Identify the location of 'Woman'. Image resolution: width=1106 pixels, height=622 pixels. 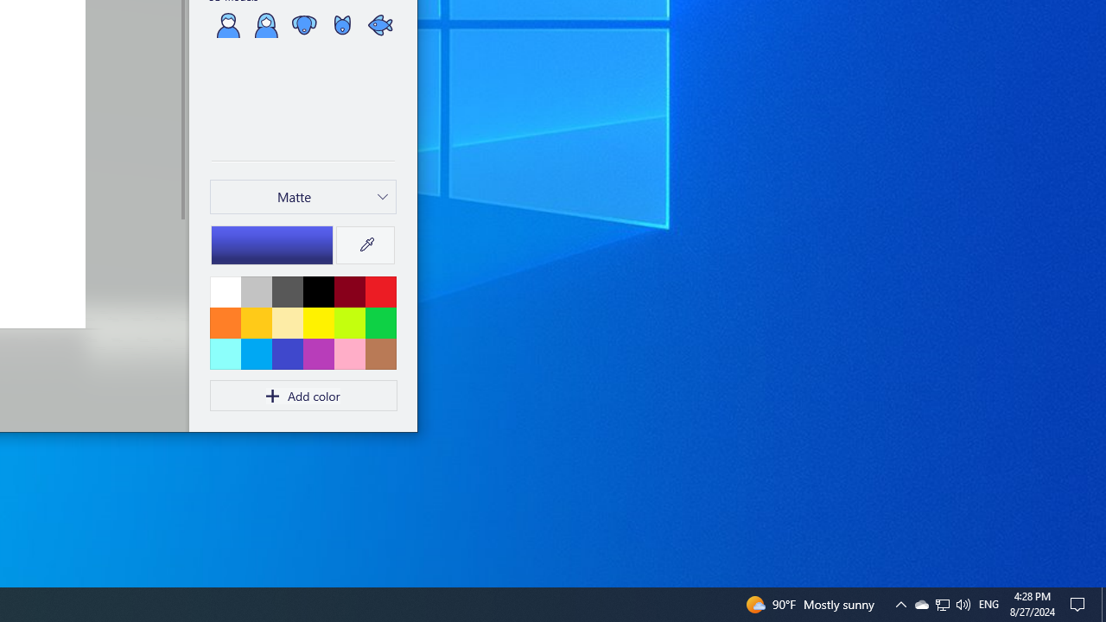
(264, 24).